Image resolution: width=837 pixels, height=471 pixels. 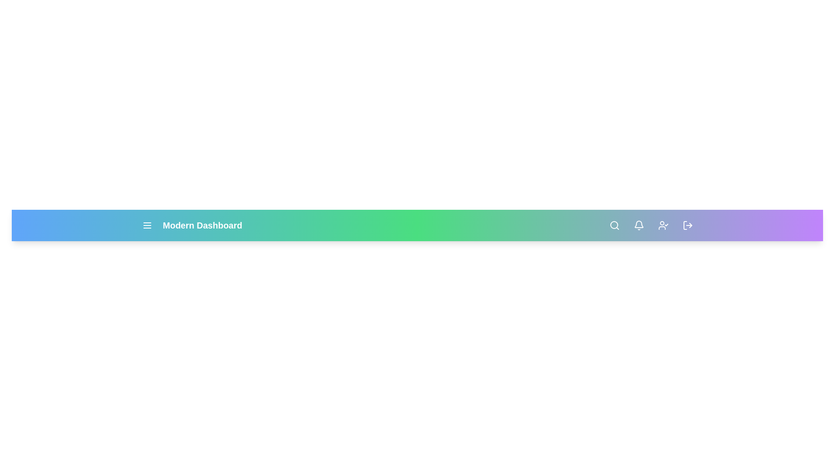 What do you see at coordinates (614, 225) in the screenshot?
I see `the search button to initiate a search` at bounding box center [614, 225].